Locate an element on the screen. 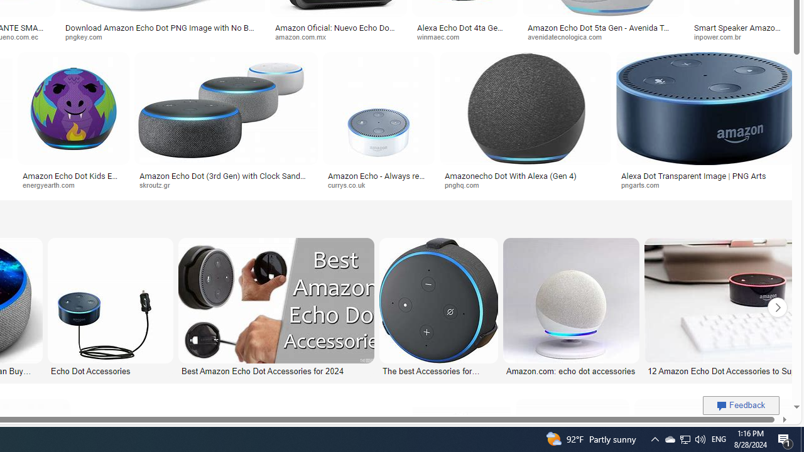 This screenshot has height=452, width=804. 'Click to scroll right' is located at coordinates (777, 307).